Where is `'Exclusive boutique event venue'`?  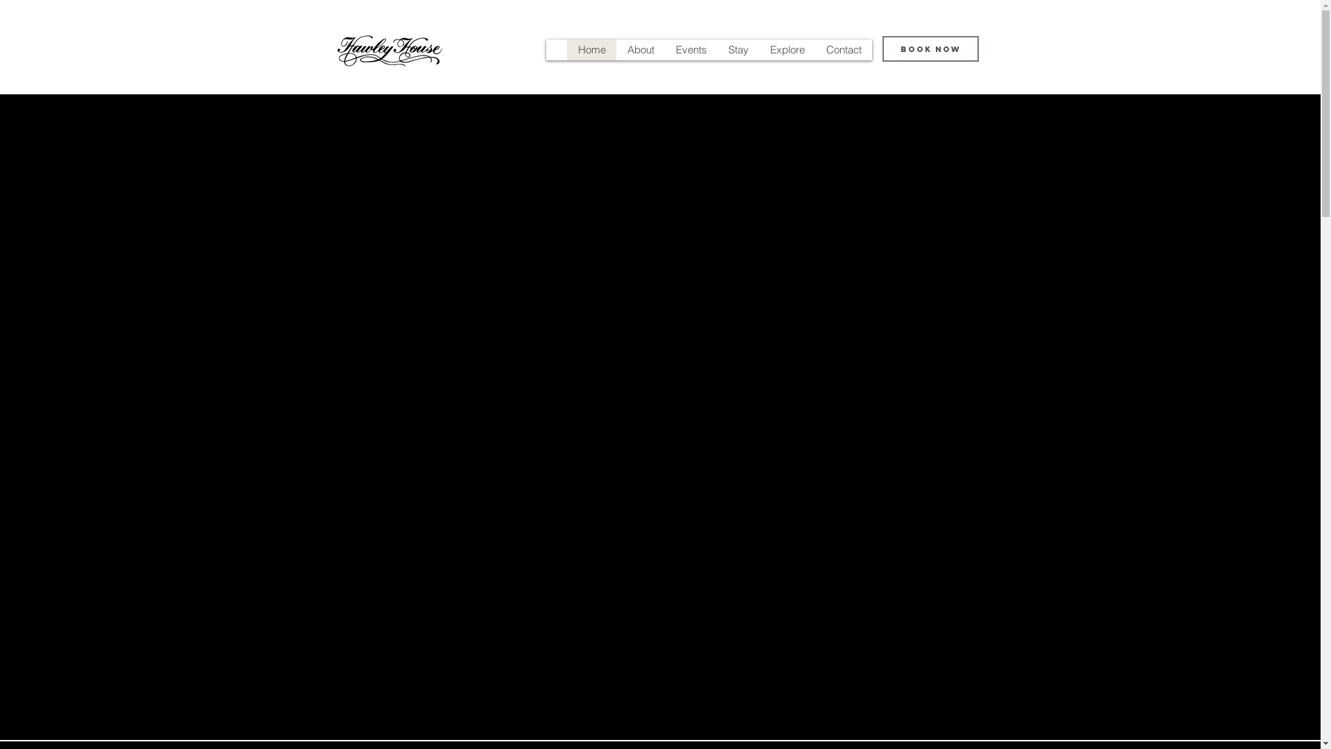
'Exclusive boutique event venue' is located at coordinates (388, 50).